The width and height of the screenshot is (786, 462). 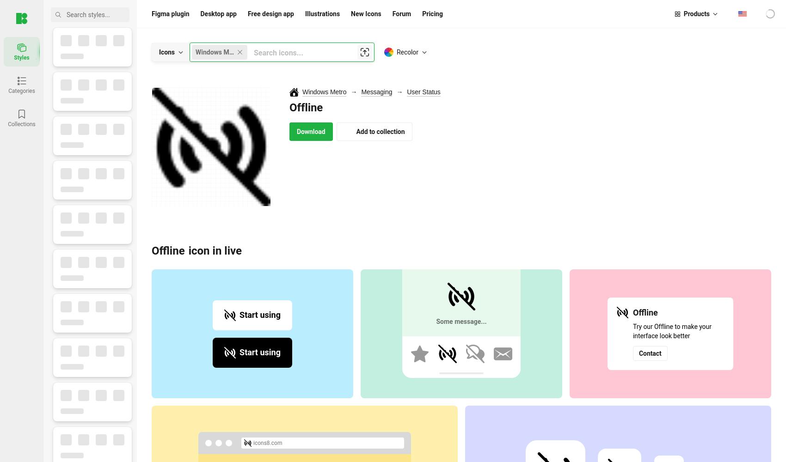 I want to click on 'User Status', so click(x=423, y=91).